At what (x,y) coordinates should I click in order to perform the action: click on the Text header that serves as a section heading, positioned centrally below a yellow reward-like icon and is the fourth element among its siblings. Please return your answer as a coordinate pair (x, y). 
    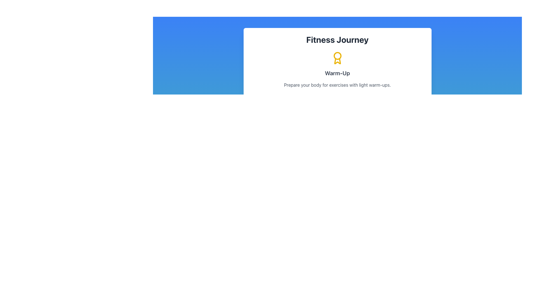
    Looking at the image, I should click on (337, 73).